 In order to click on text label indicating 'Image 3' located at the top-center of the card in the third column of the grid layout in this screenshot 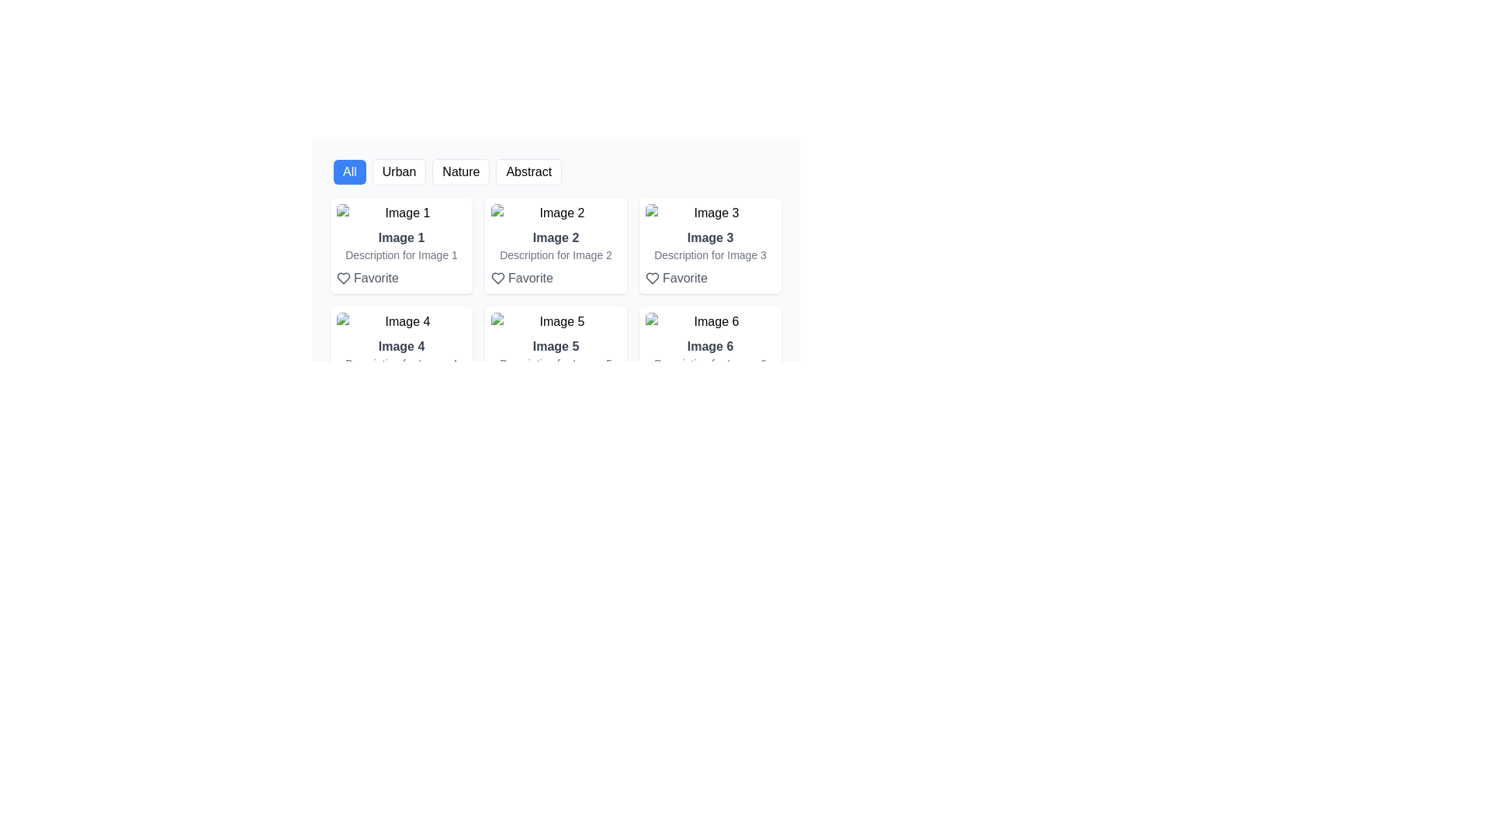, I will do `click(709, 238)`.